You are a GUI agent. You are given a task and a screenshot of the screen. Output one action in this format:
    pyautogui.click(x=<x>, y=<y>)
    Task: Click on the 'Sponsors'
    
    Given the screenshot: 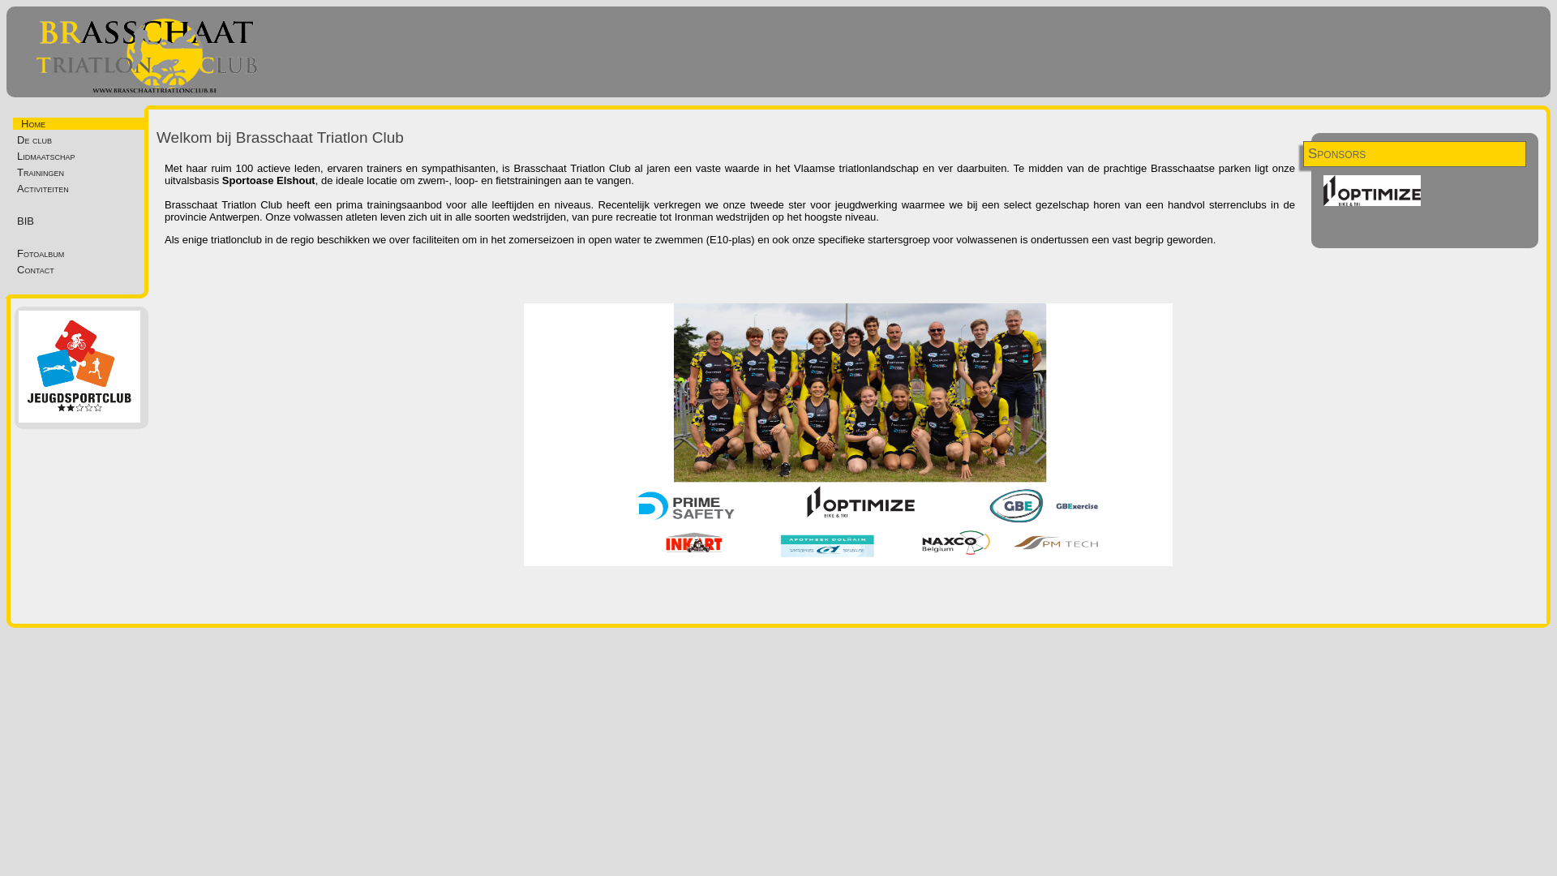 What is the action you would take?
    pyautogui.click(x=1423, y=153)
    